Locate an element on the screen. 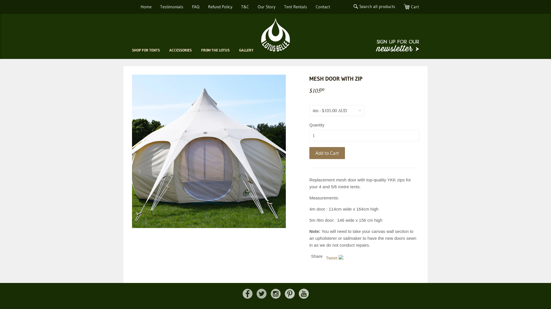 The width and height of the screenshot is (551, 309). 'Our Story' is located at coordinates (266, 7).